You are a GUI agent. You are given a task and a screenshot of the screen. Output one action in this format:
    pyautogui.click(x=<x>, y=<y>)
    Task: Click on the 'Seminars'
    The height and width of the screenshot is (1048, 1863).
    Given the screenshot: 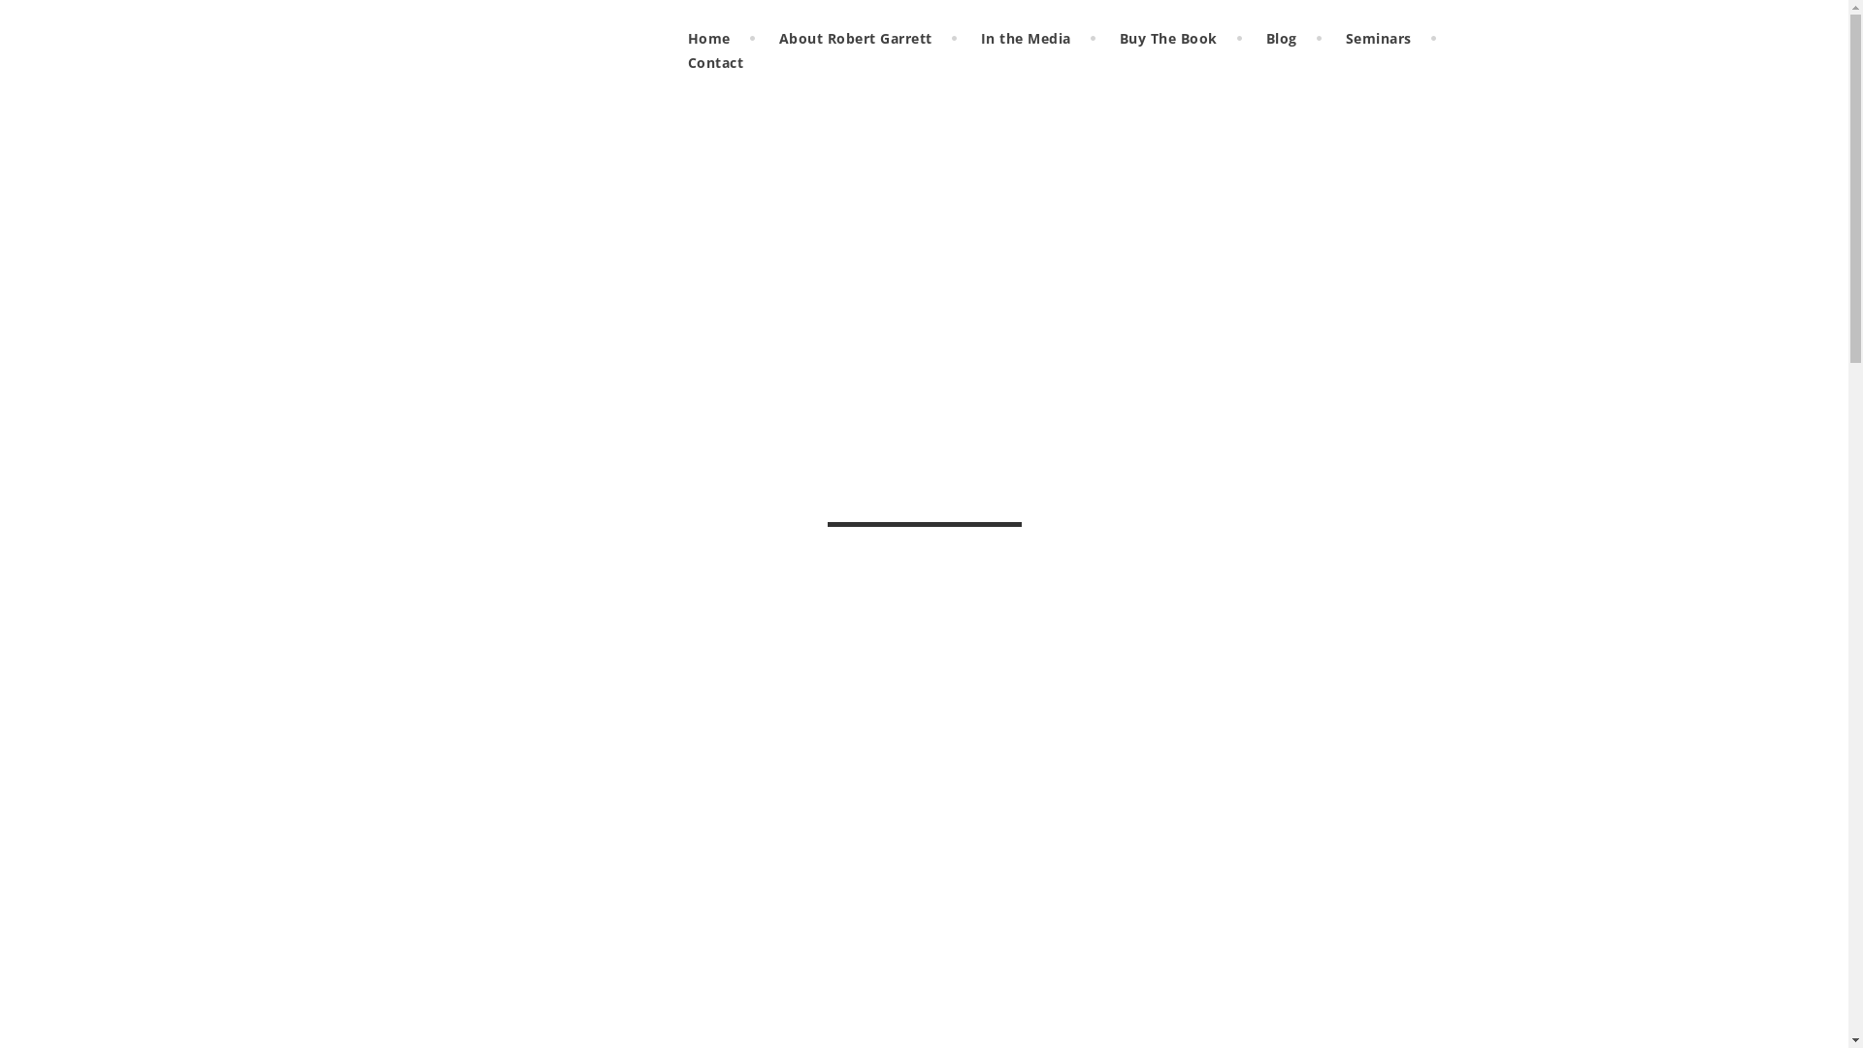 What is the action you would take?
    pyautogui.click(x=1377, y=38)
    